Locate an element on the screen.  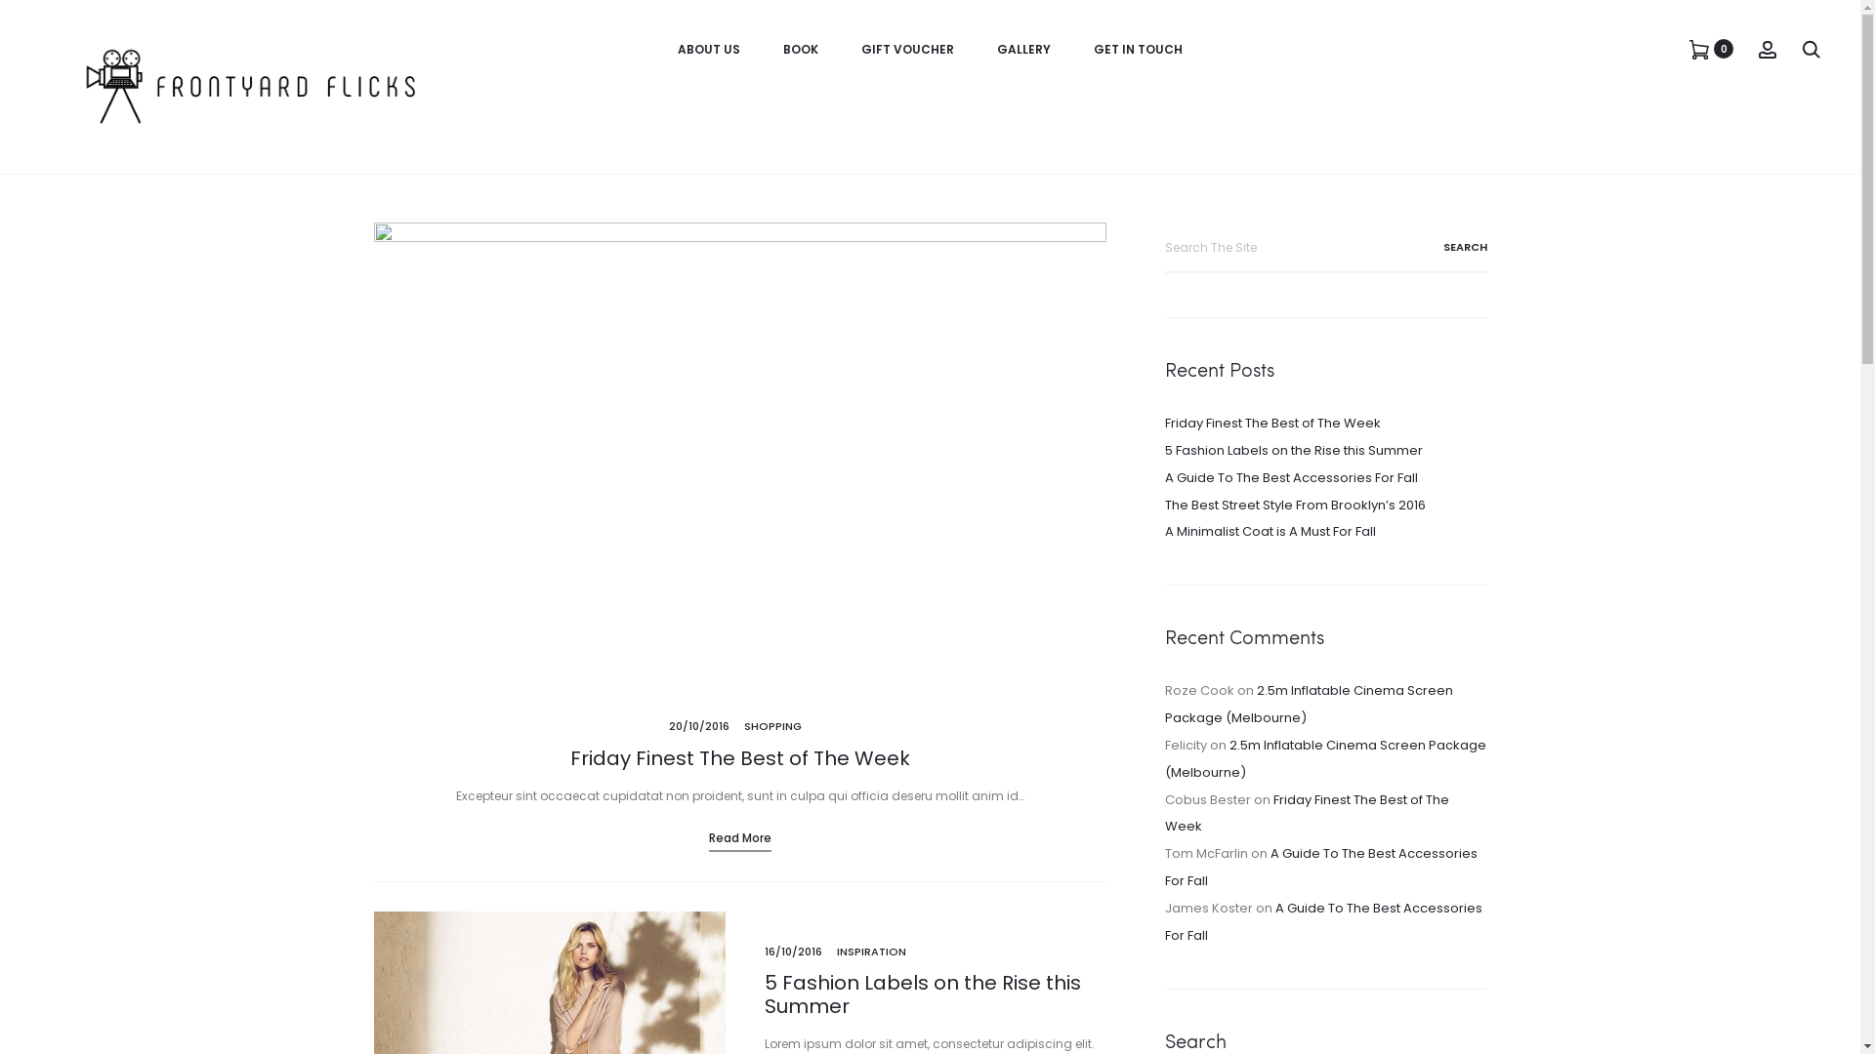
'SHOPPING' is located at coordinates (771, 726).